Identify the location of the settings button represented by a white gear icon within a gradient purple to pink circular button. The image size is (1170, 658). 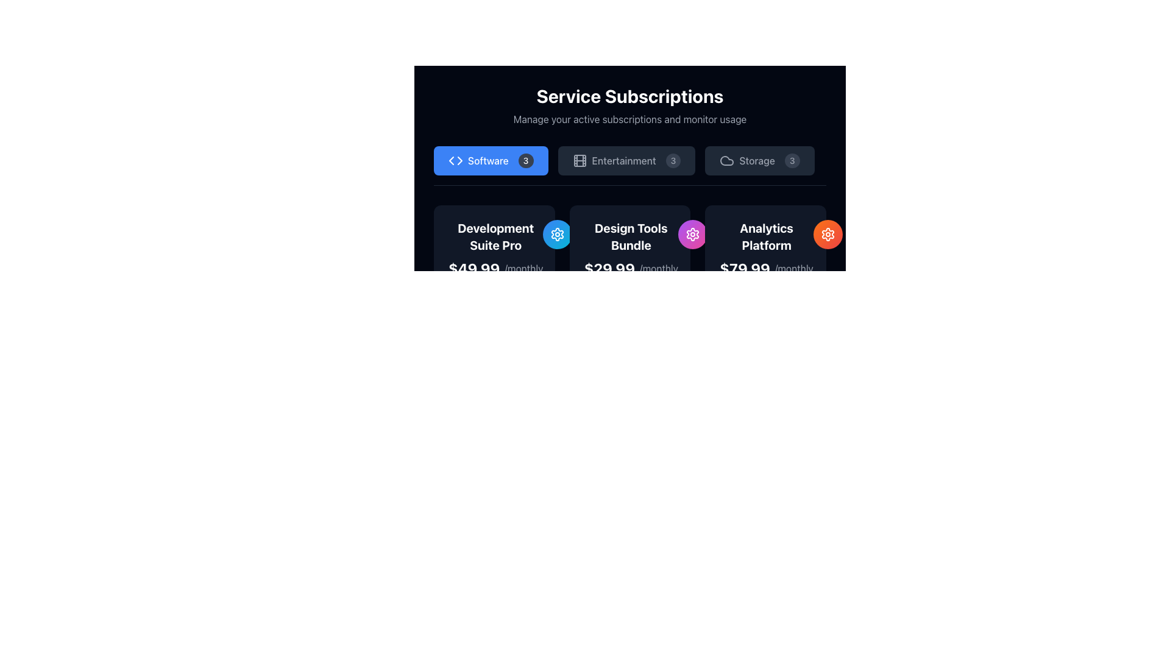
(693, 235).